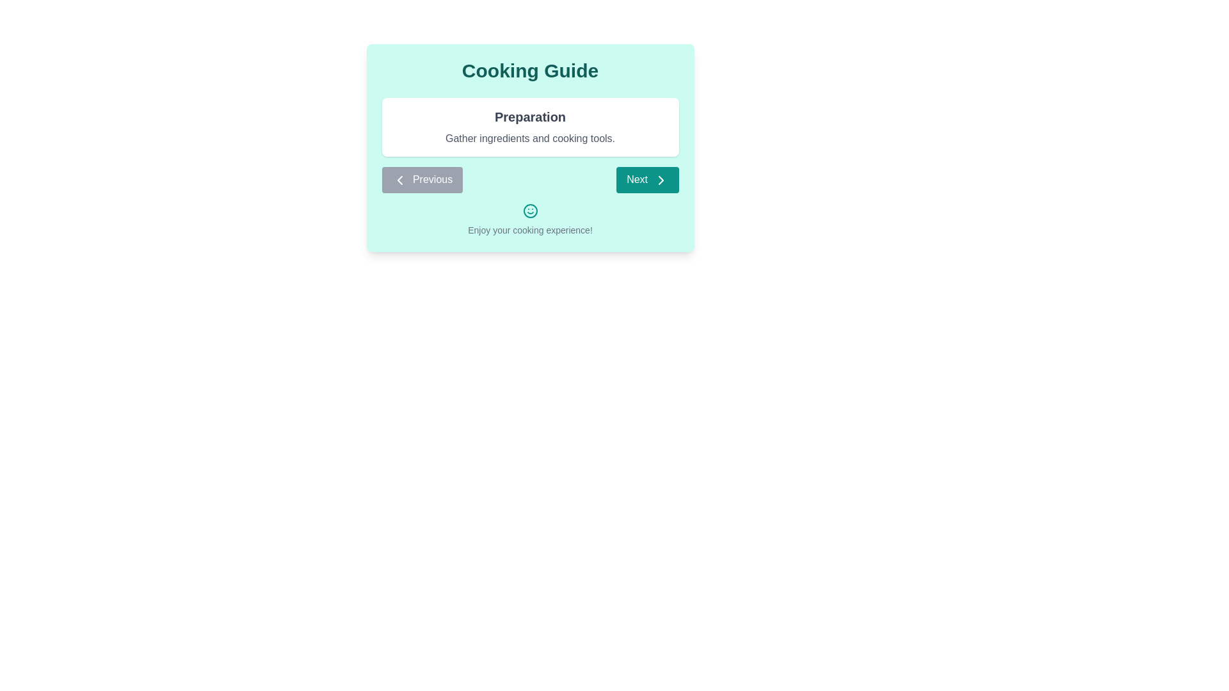  I want to click on the 'Next' button, which is a rectangular button with white text on a teal-green background, located on the right-hand side of the navigation buttons at the bottom of the modal interface, so click(647, 180).